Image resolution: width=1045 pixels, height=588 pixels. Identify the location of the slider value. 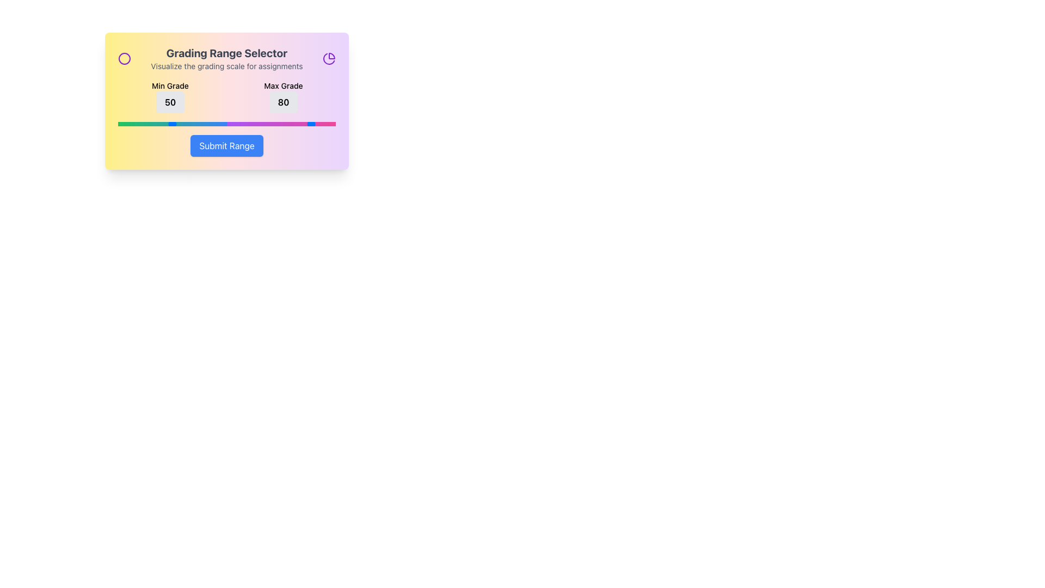
(245, 123).